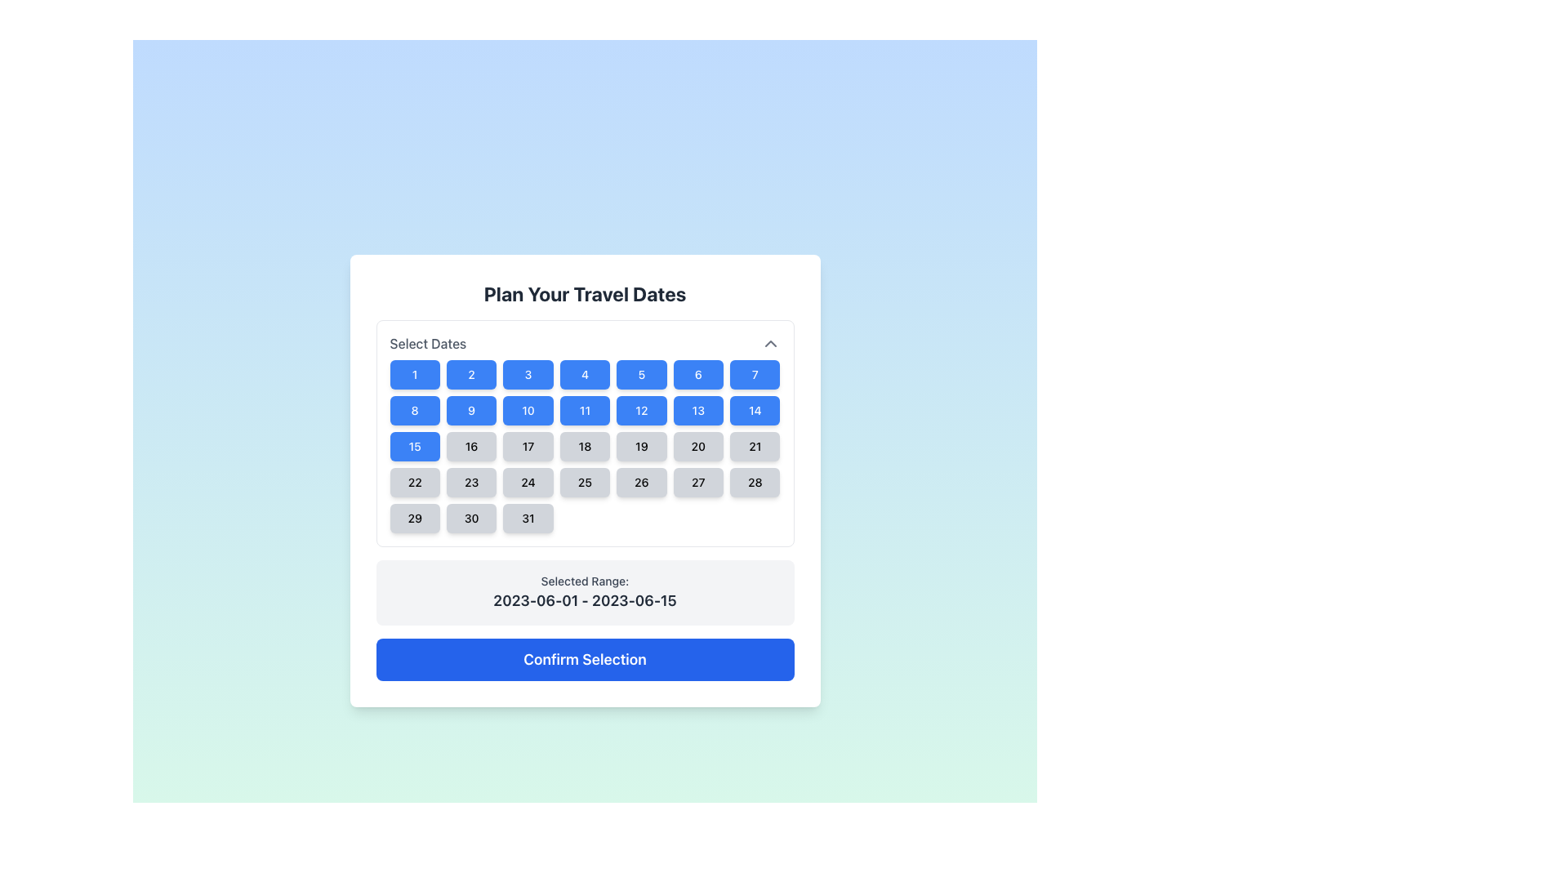 The image size is (1568, 882). Describe the element at coordinates (415, 519) in the screenshot. I see `the button representing the 29th day in the calendar interface` at that location.